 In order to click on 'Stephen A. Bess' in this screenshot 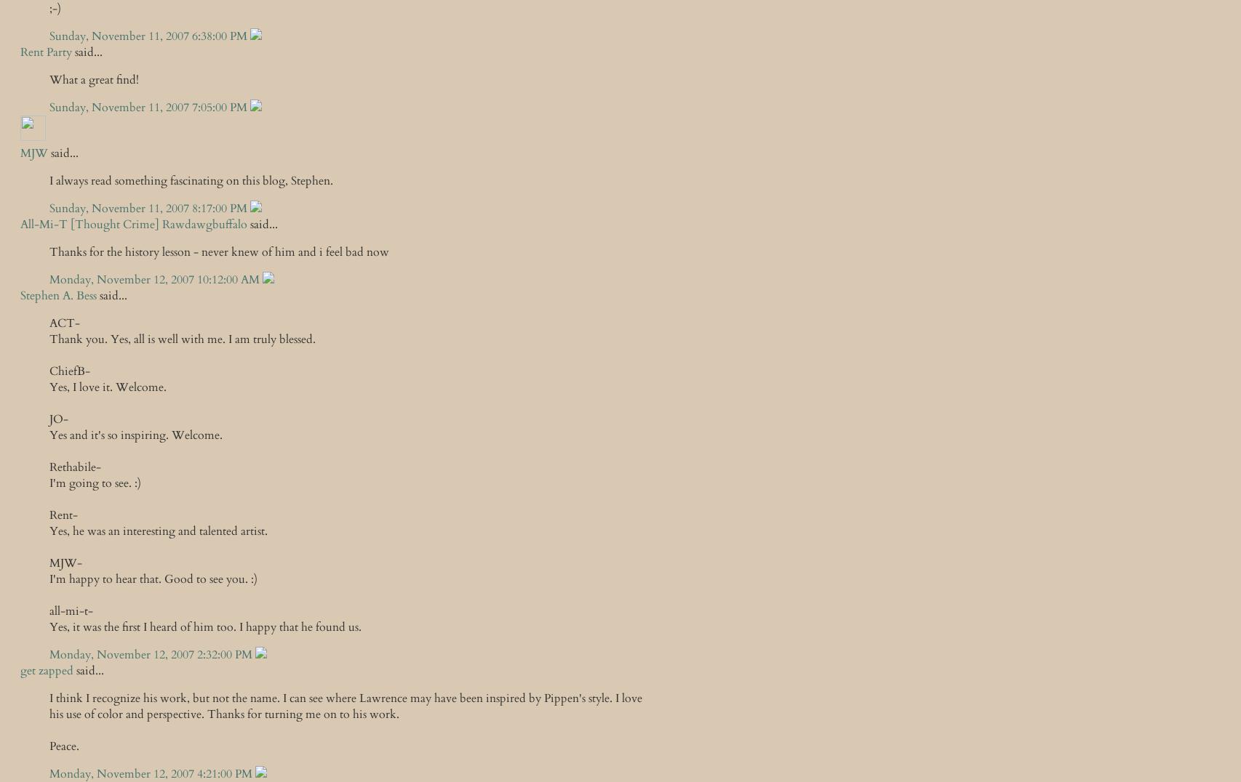, I will do `click(58, 296)`.